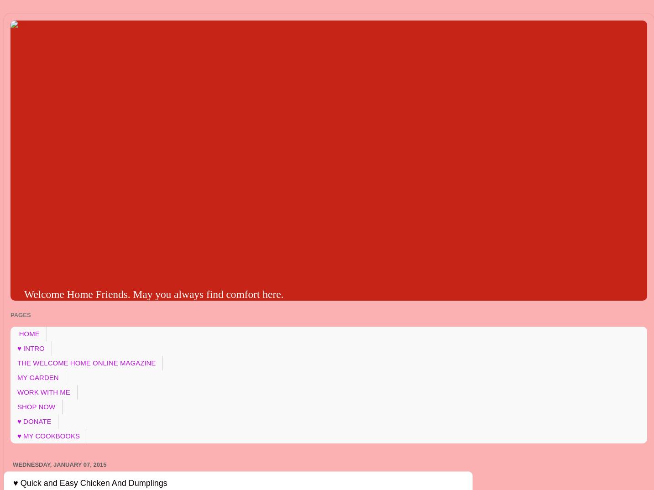  What do you see at coordinates (36, 406) in the screenshot?
I see `'SHOP NOW'` at bounding box center [36, 406].